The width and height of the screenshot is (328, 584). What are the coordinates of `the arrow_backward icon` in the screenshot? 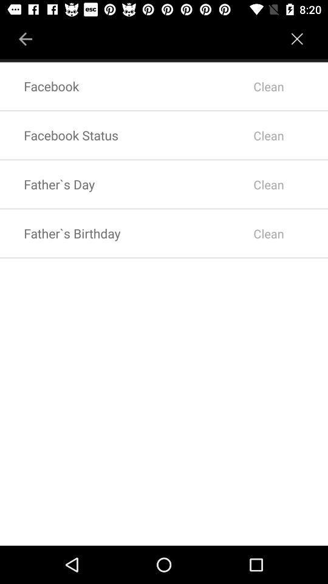 It's located at (26, 34).